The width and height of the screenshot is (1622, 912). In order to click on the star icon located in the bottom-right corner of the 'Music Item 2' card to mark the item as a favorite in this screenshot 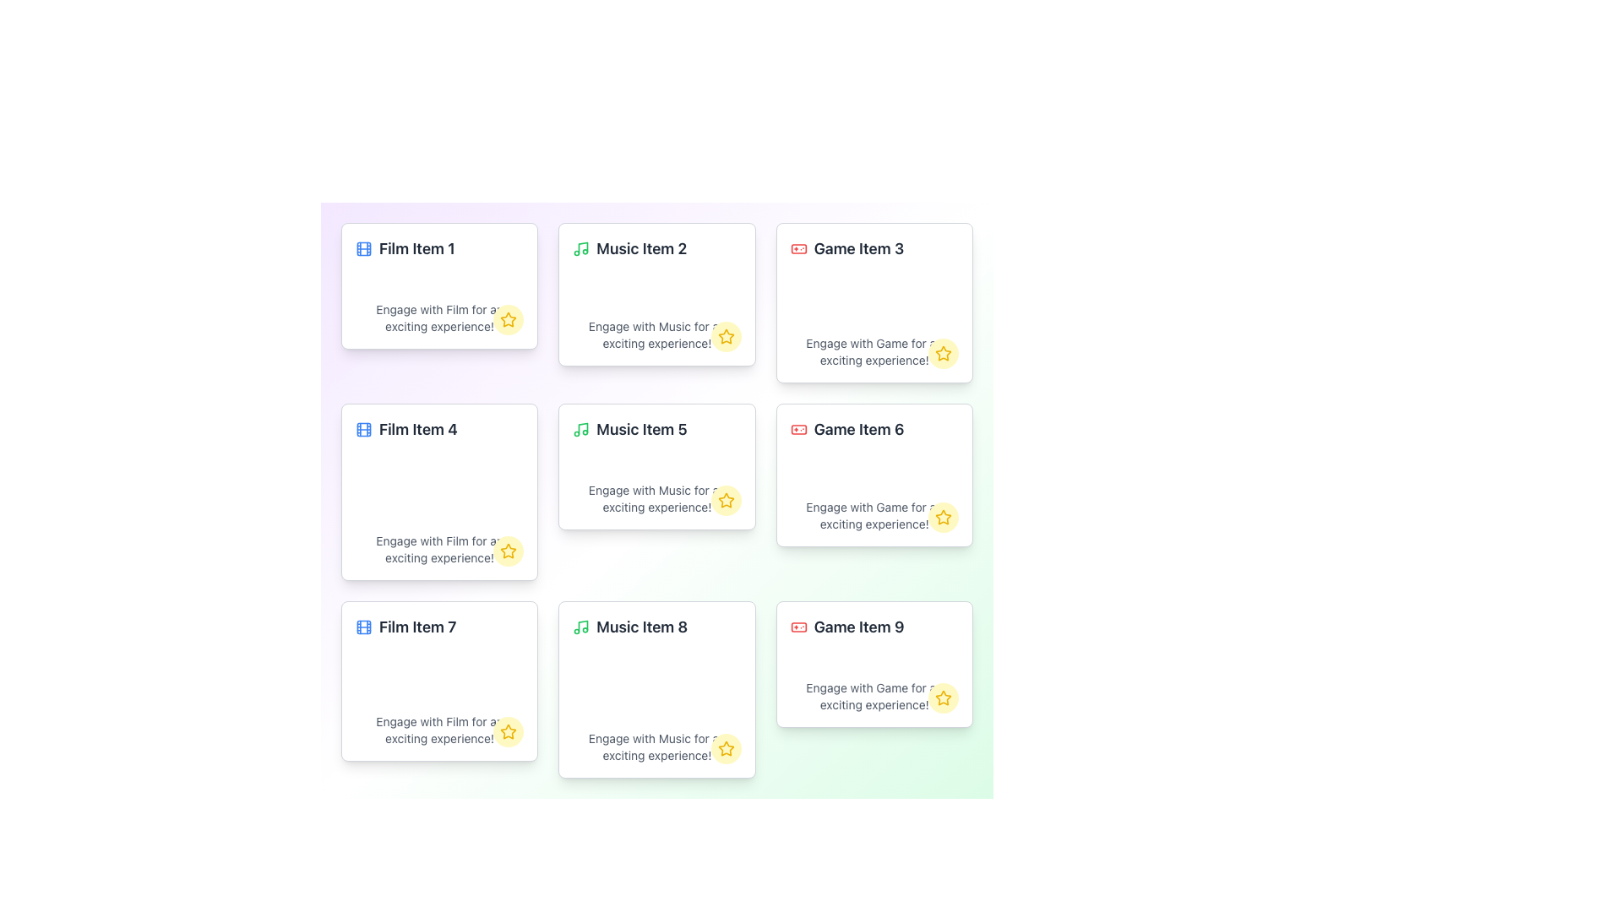, I will do `click(726, 336)`.